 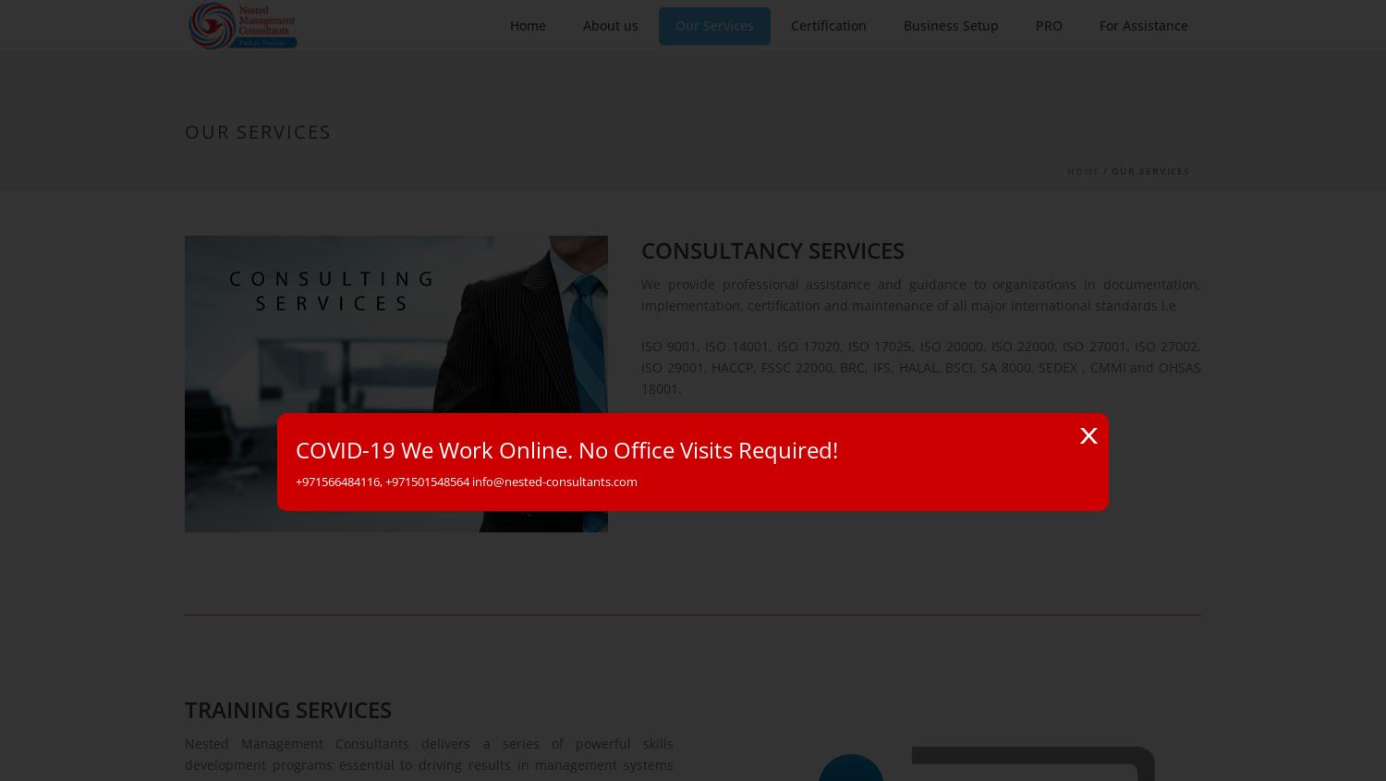 I want to click on '+971566484116,   +971501548564   info@nested-consultants.com', so click(x=467, y=481).